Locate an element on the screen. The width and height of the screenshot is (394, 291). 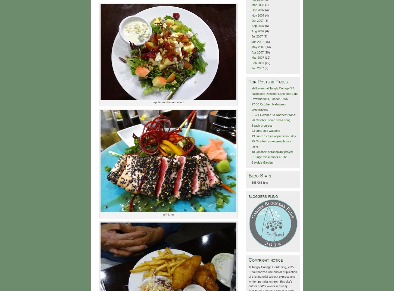
'23 July: cold watering' is located at coordinates (266, 130).